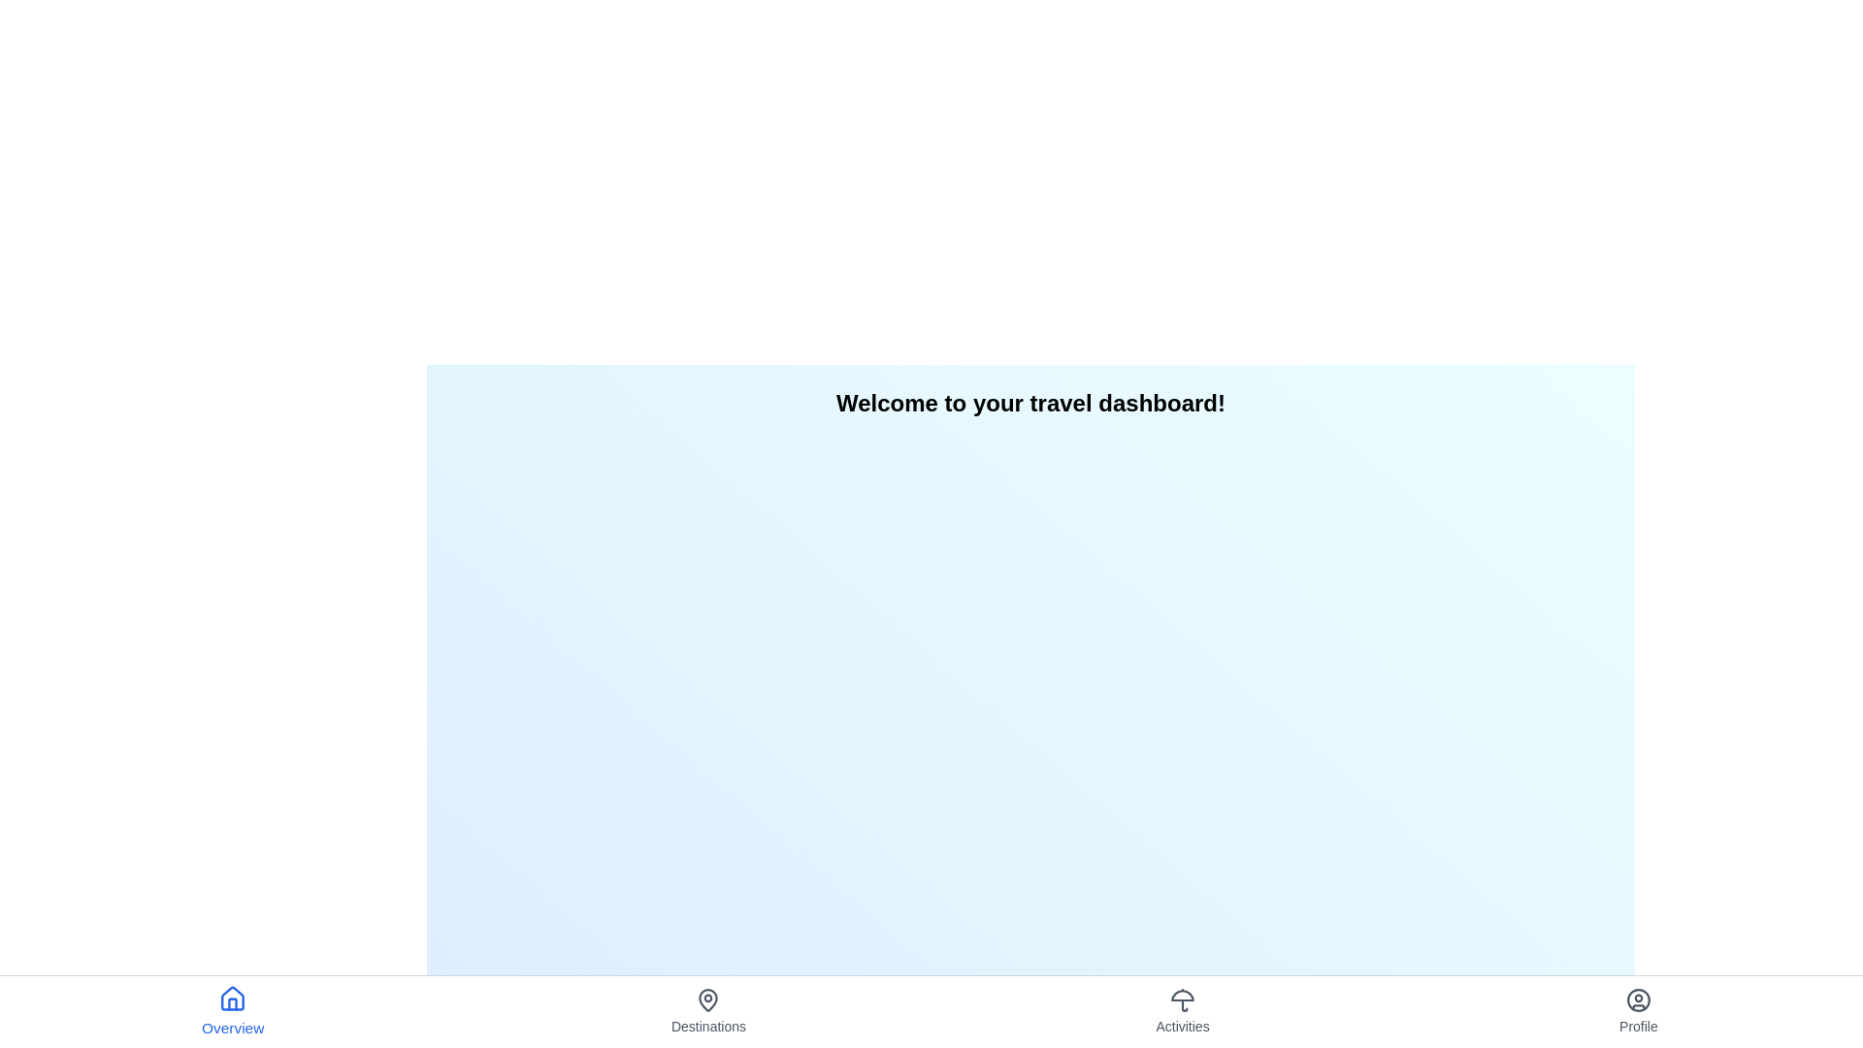  What do you see at coordinates (233, 1010) in the screenshot?
I see `the navigation button for 'Overview' located at the far left of the bottom navigation menu` at bounding box center [233, 1010].